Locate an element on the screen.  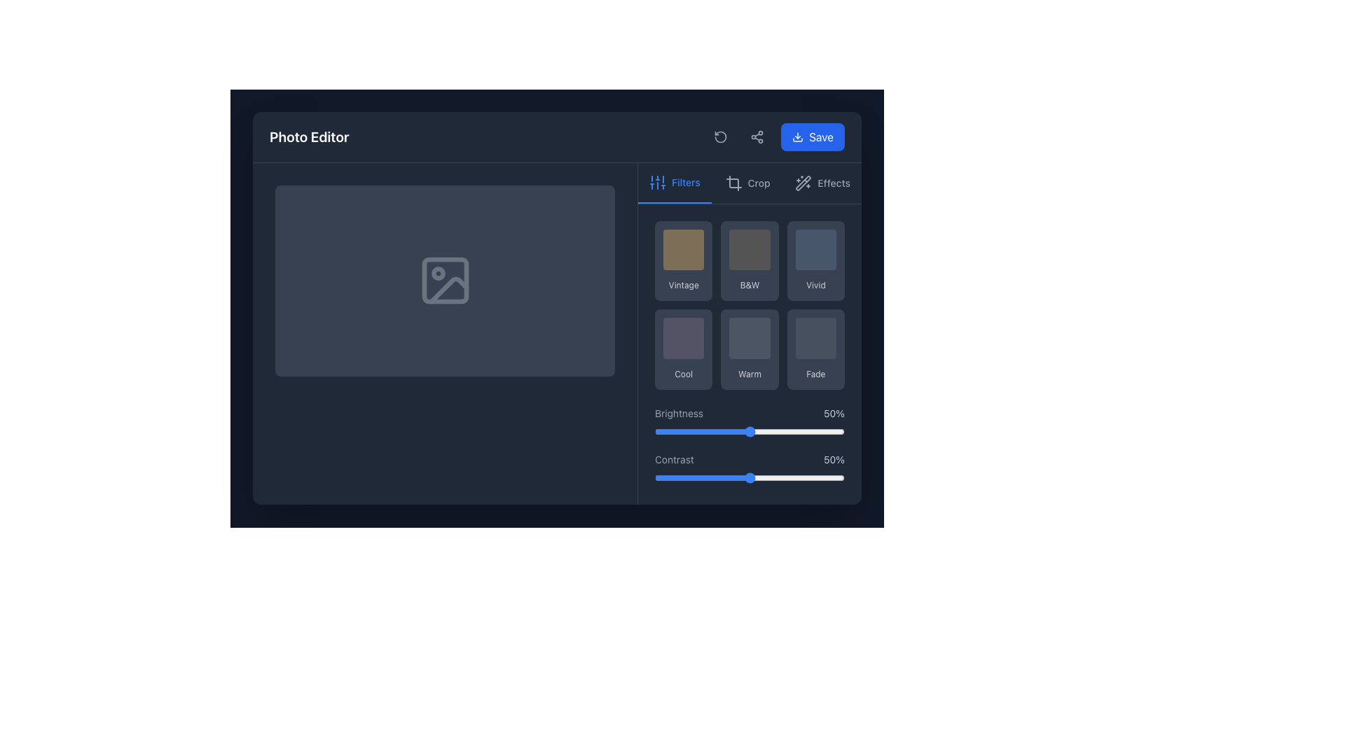
the crop tool button located centrally in the toolbar is located at coordinates (733, 183).